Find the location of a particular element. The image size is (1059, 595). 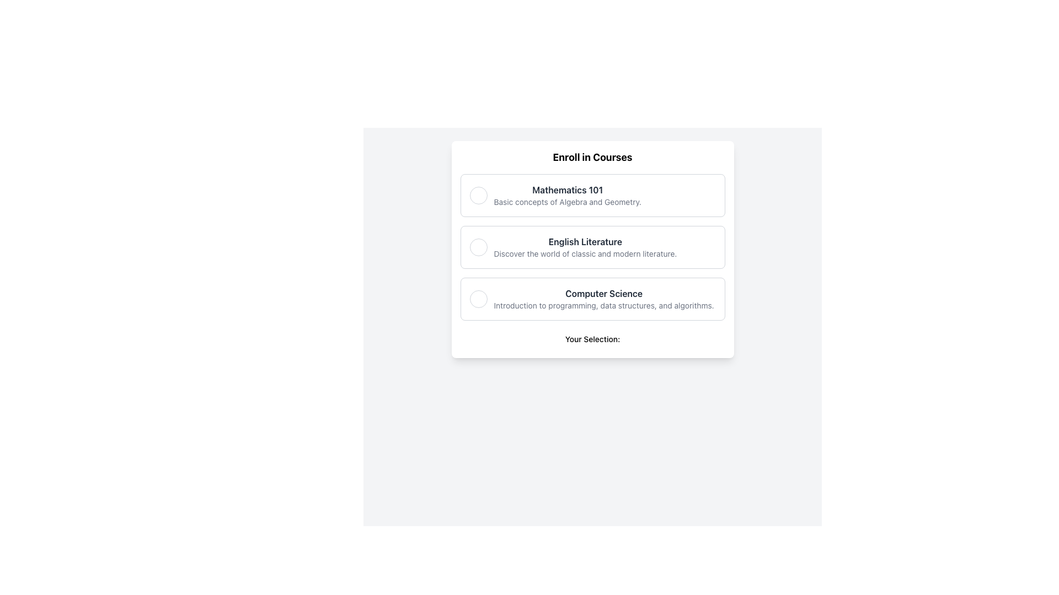

the descriptive text below the 'English Literature' course option, which provides insights into its content is located at coordinates (585, 254).